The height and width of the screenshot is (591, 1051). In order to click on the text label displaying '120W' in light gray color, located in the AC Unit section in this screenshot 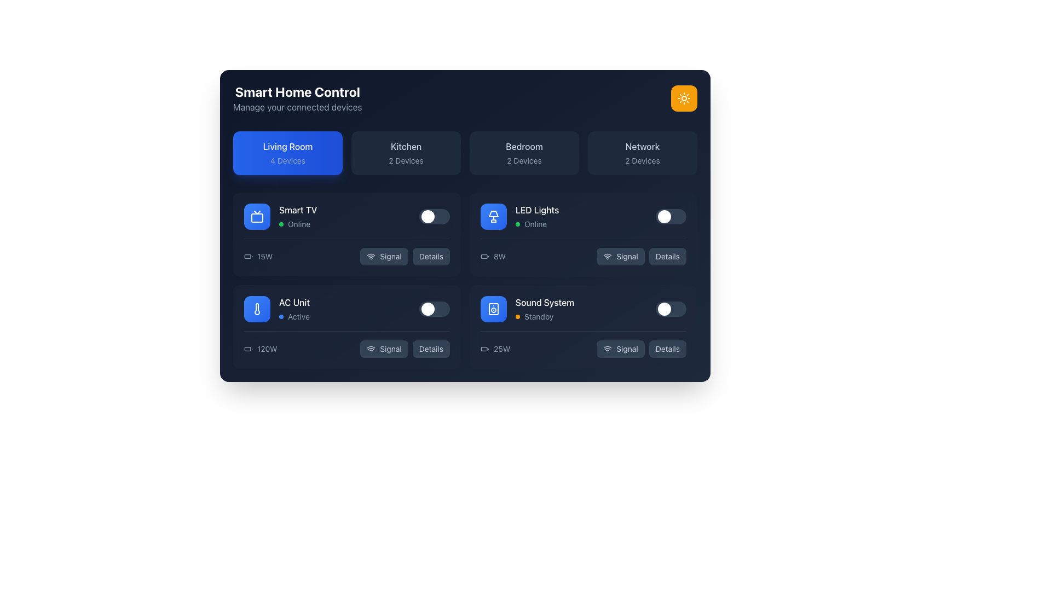, I will do `click(267, 349)`.